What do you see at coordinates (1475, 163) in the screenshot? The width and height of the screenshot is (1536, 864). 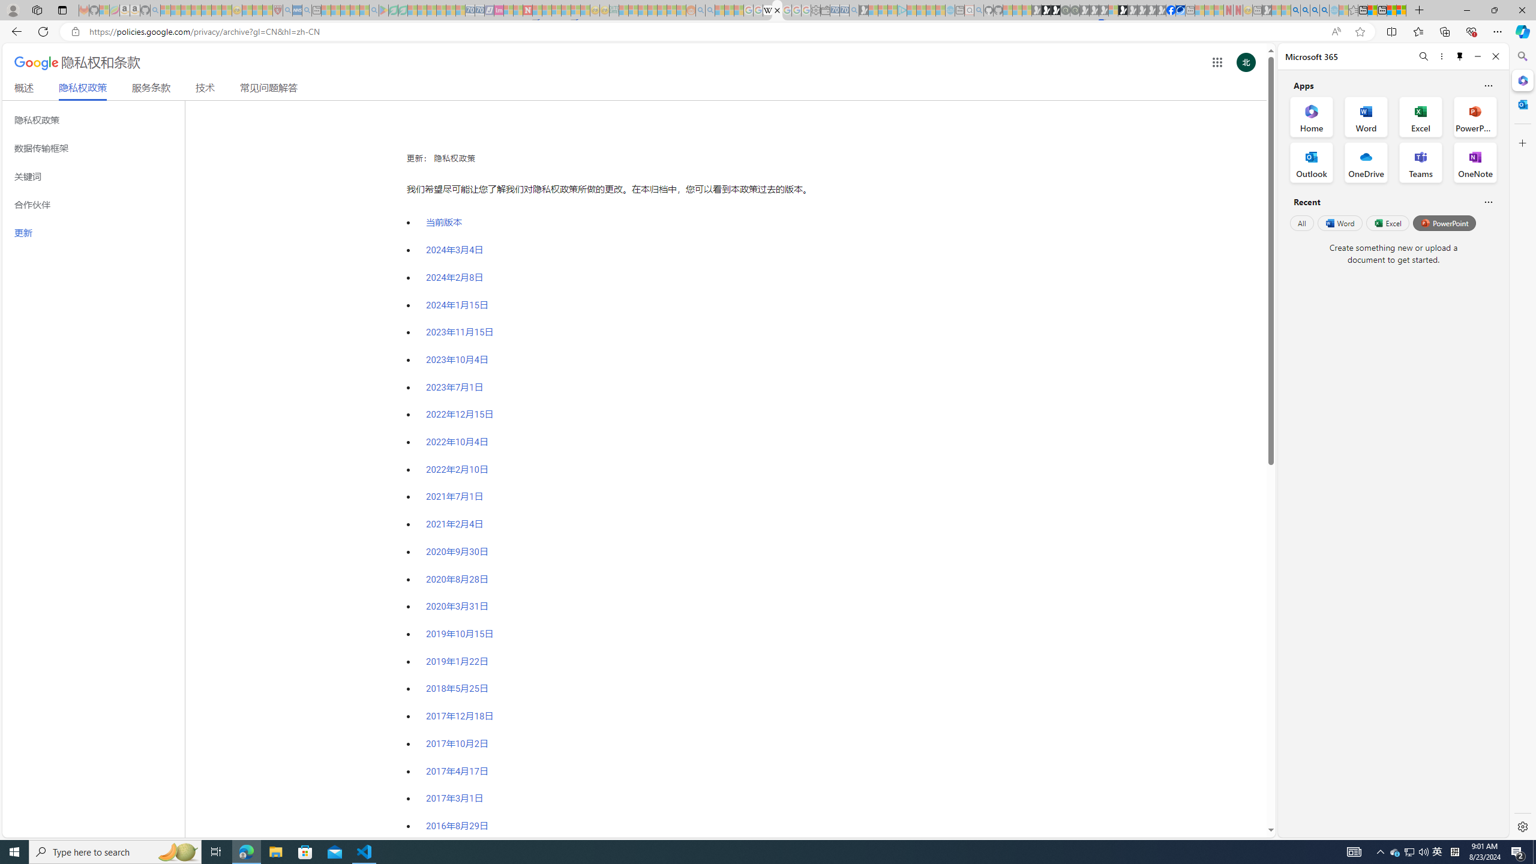 I see `'OneNote Office App'` at bounding box center [1475, 163].